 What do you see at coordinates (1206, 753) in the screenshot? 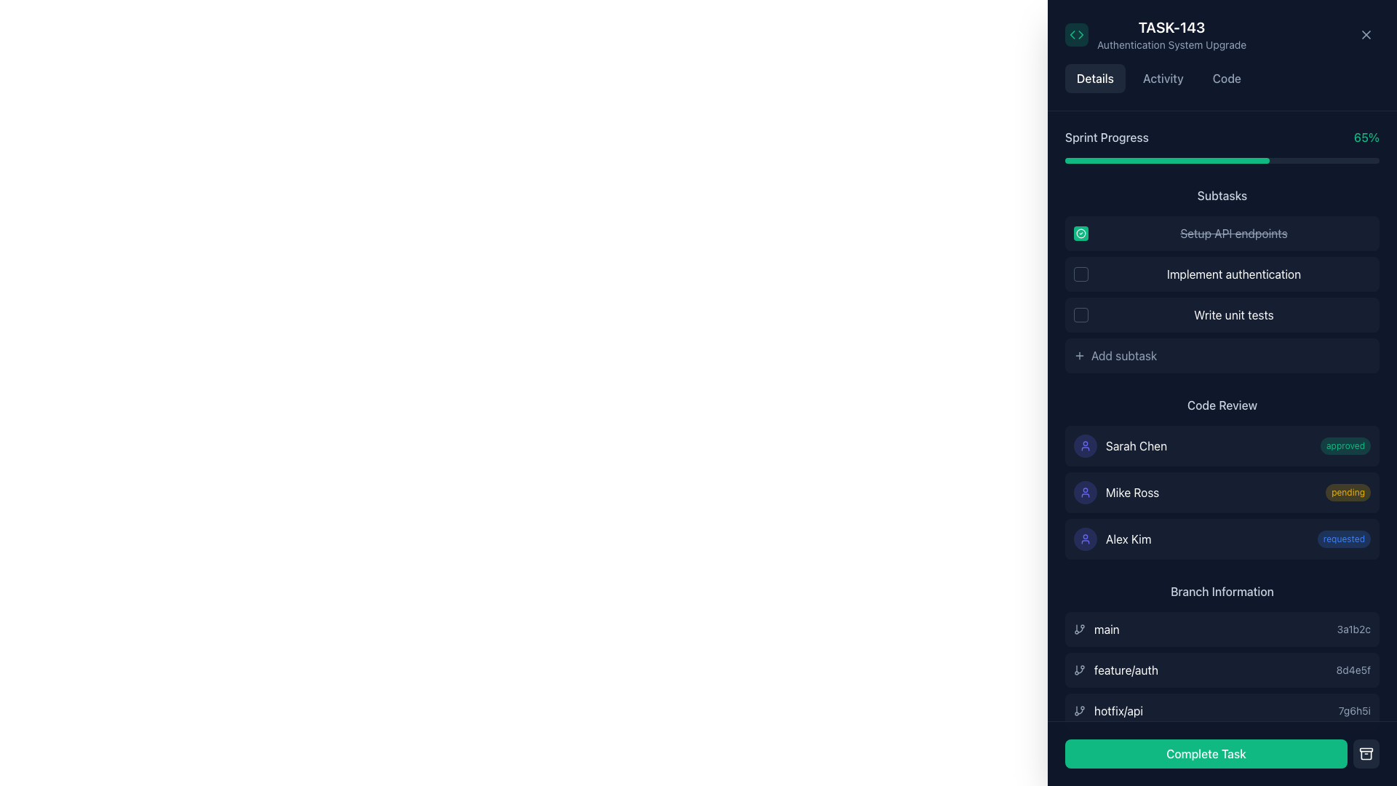
I see `the button at the bottom left of the task details section to mark the task as complete` at bounding box center [1206, 753].